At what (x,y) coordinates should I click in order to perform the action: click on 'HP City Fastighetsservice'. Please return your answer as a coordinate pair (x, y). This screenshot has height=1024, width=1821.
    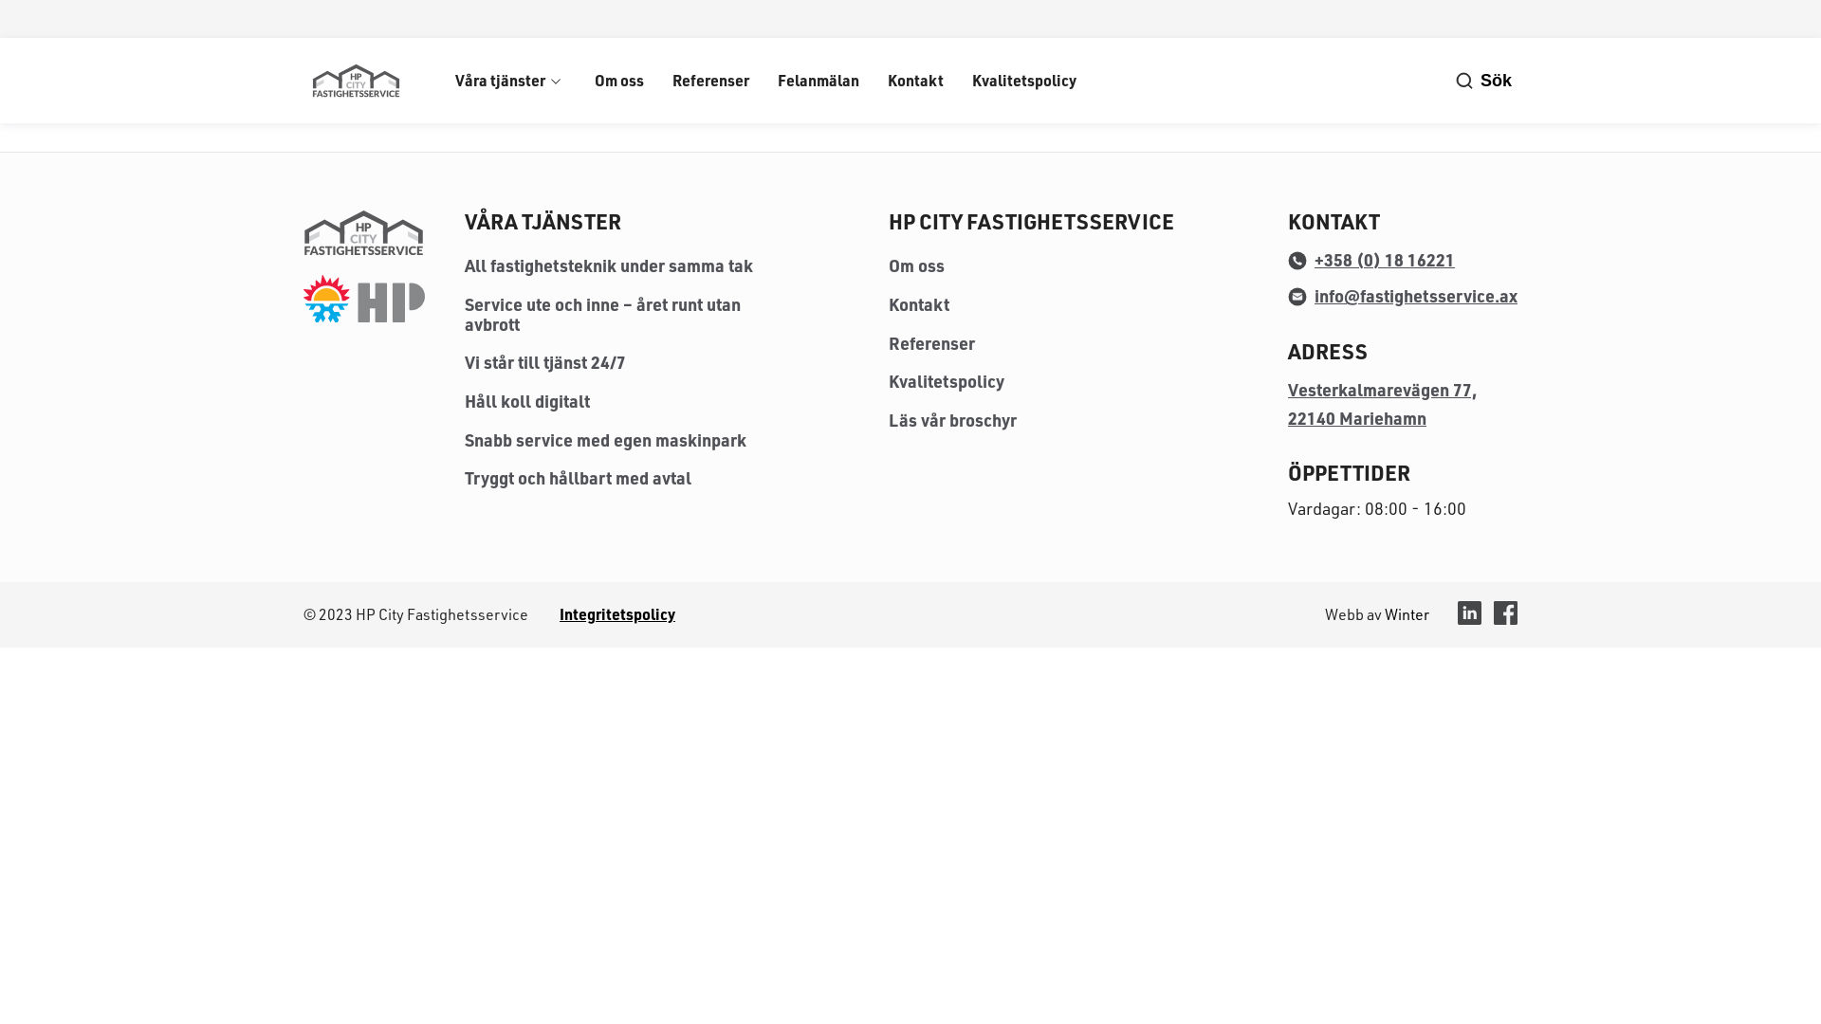
    Looking at the image, I should click on (355, 79).